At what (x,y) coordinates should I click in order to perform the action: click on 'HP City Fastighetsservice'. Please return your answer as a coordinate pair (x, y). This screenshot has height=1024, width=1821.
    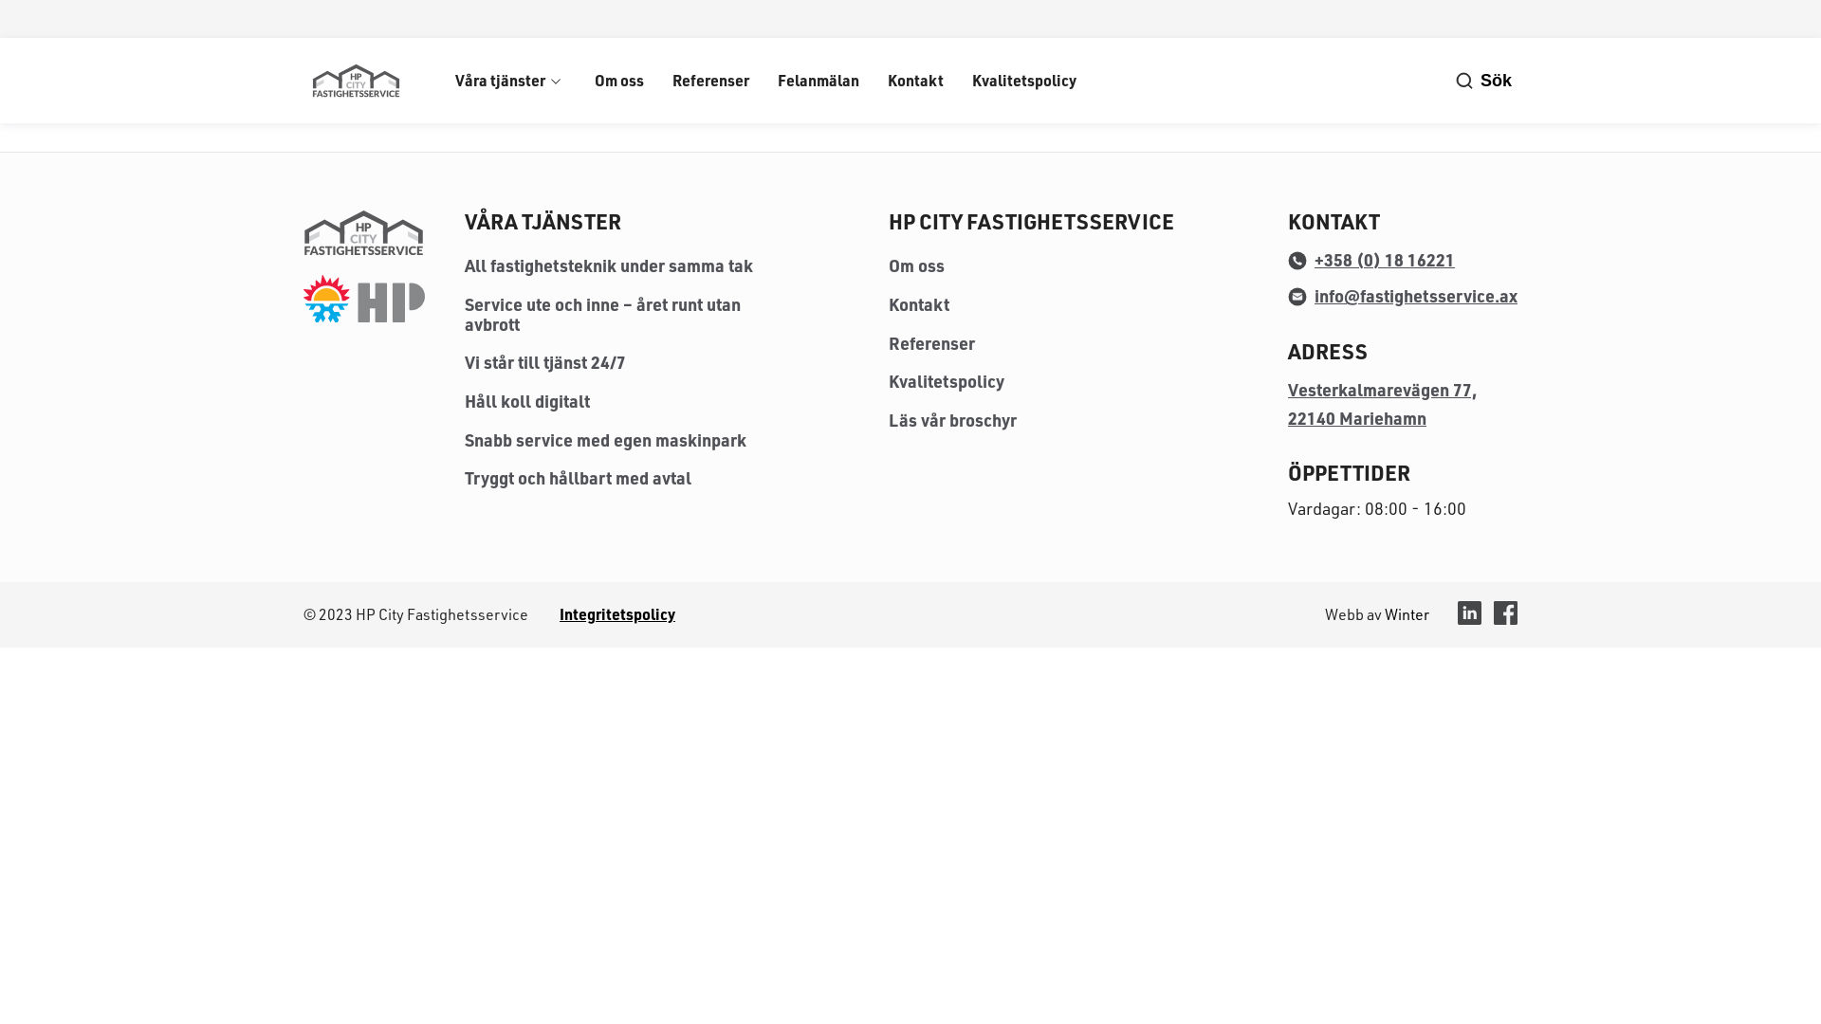
    Looking at the image, I should click on (355, 79).